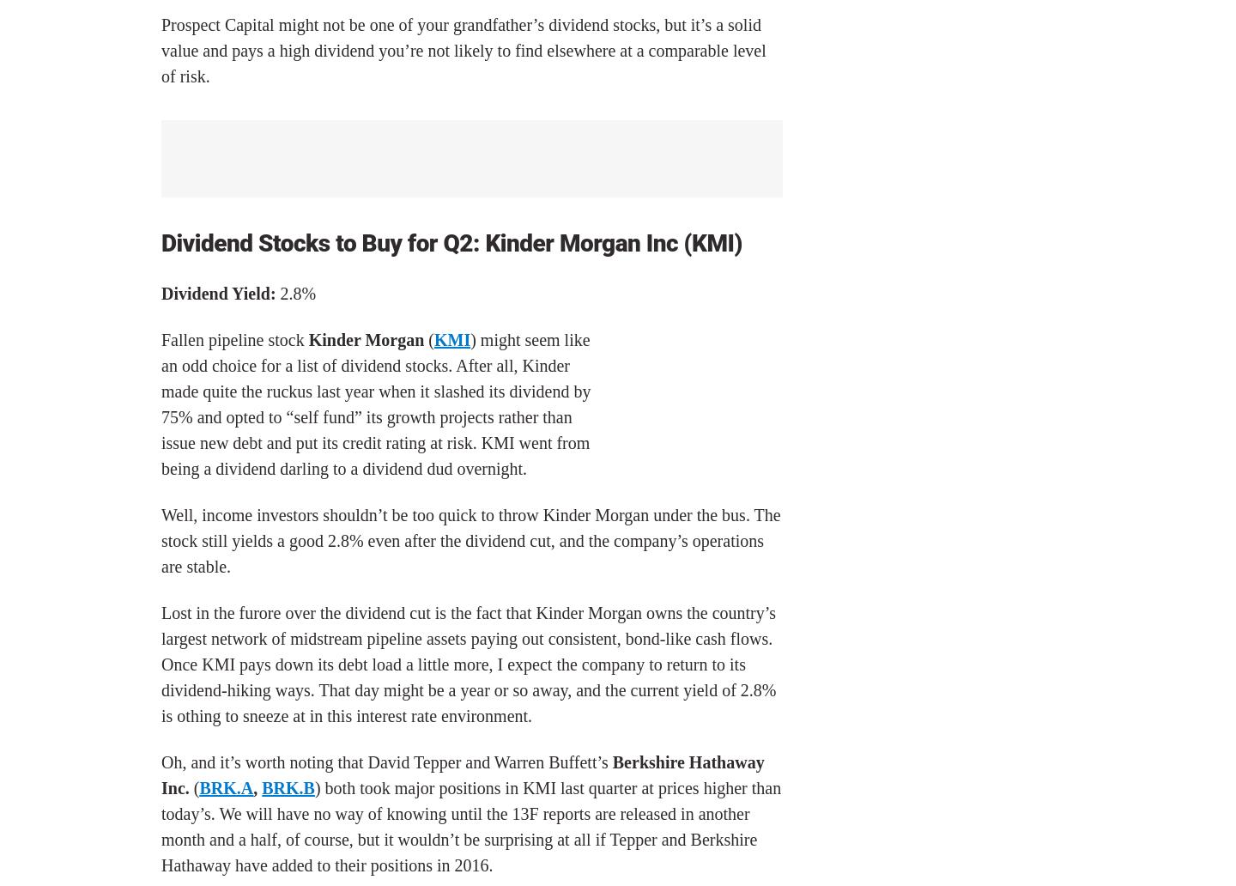  I want to click on 'Prospect Capital might not be one of your grandfather’s dividend stocks, but it’s a solid value and pays a high dividend you’re not likely to find elsewhere at a comparable level of risk.', so click(463, 51).